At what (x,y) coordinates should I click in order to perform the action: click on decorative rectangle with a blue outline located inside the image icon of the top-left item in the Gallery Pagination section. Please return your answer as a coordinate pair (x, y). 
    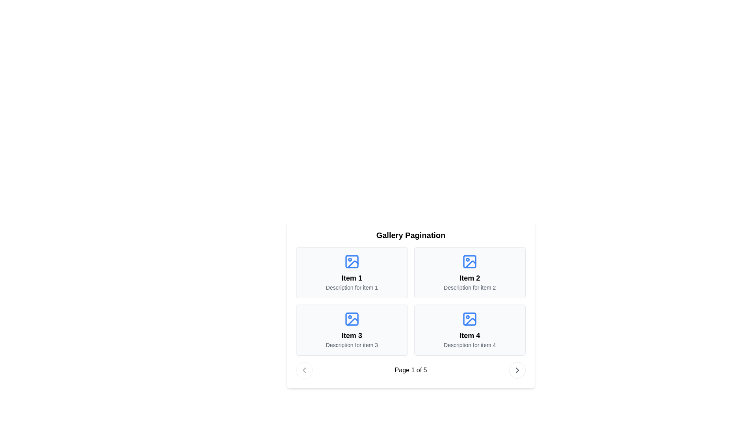
    Looking at the image, I should click on (351, 261).